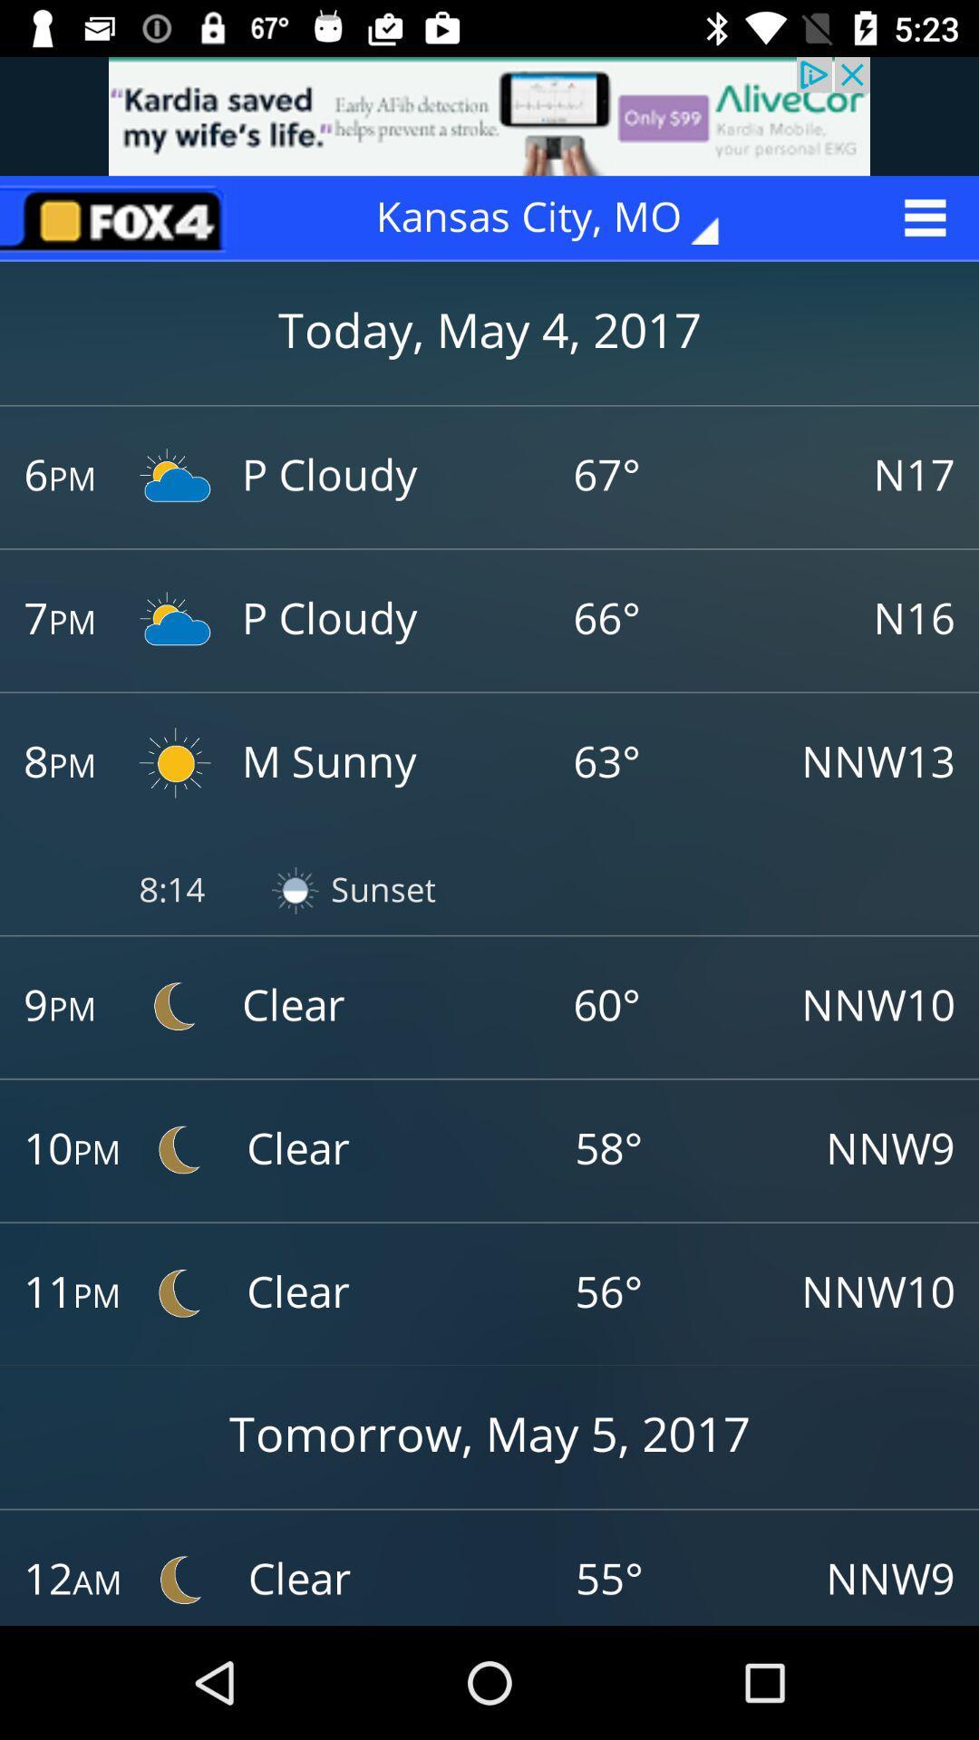 The image size is (979, 1740). Describe the element at coordinates (119, 217) in the screenshot. I see `the main page` at that location.